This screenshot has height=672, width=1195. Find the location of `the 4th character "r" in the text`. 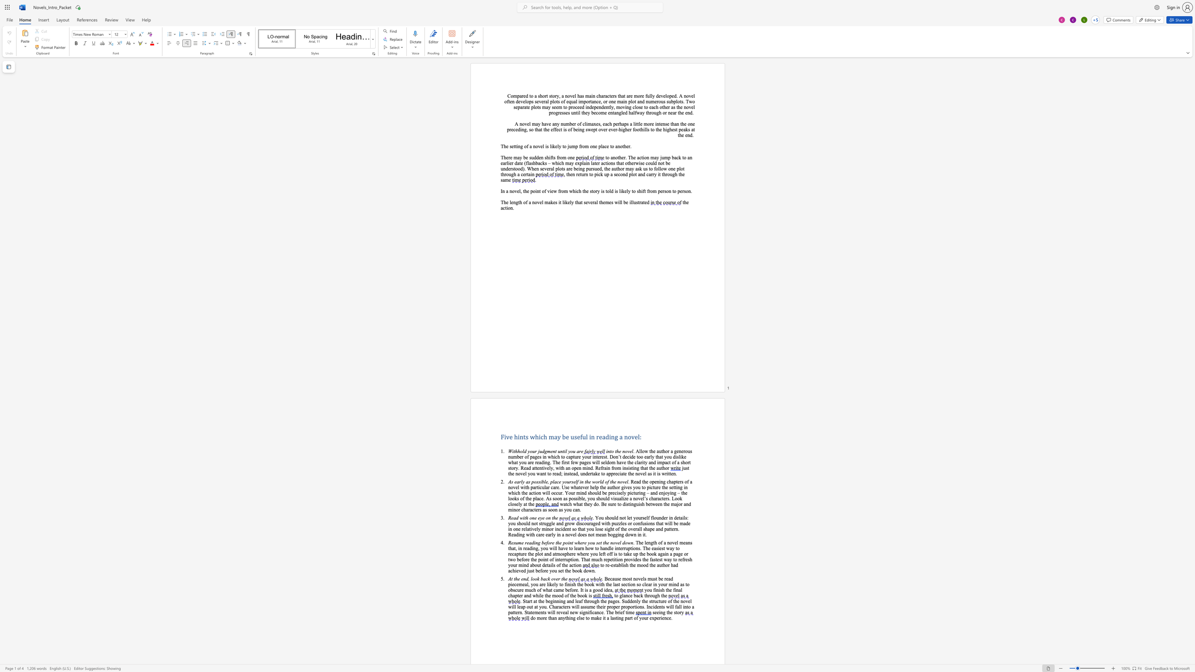

the 4th character "r" in the text is located at coordinates (653, 173).